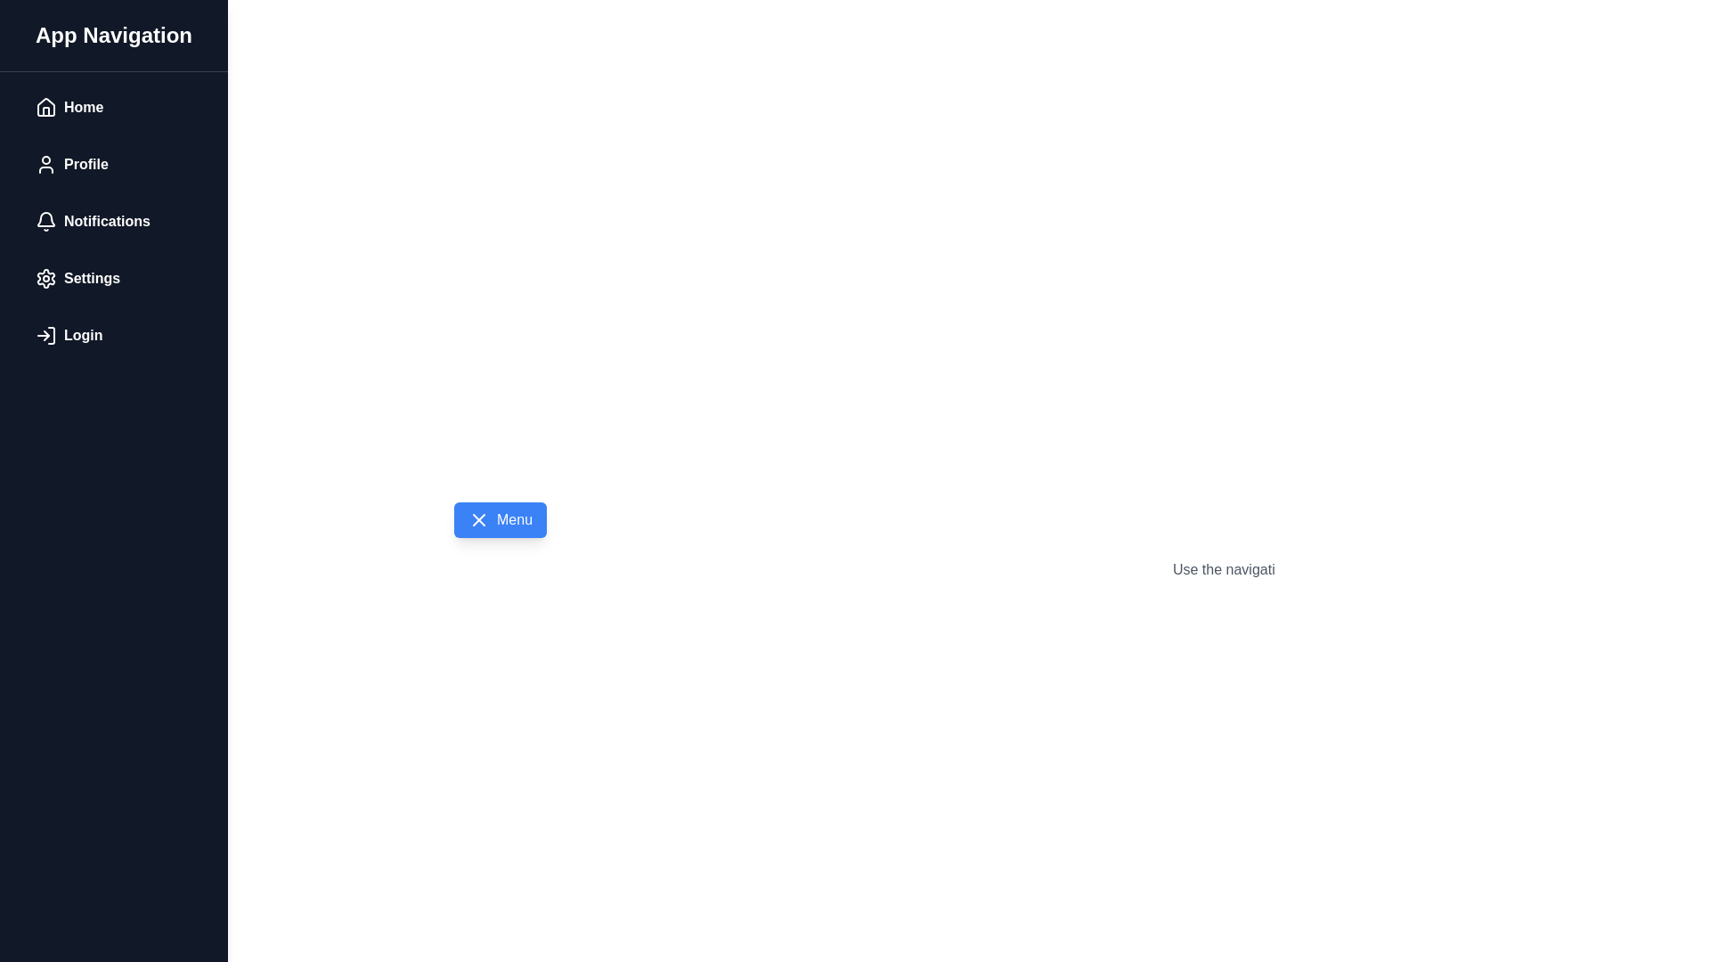  Describe the element at coordinates (113, 336) in the screenshot. I see `the 'Login' navigation button, which is the fifth item in the sidebar menu, to activate its hover effects` at that location.